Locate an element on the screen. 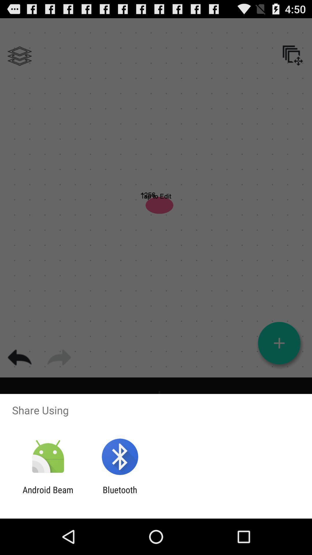 The width and height of the screenshot is (312, 555). android beam app is located at coordinates (48, 495).